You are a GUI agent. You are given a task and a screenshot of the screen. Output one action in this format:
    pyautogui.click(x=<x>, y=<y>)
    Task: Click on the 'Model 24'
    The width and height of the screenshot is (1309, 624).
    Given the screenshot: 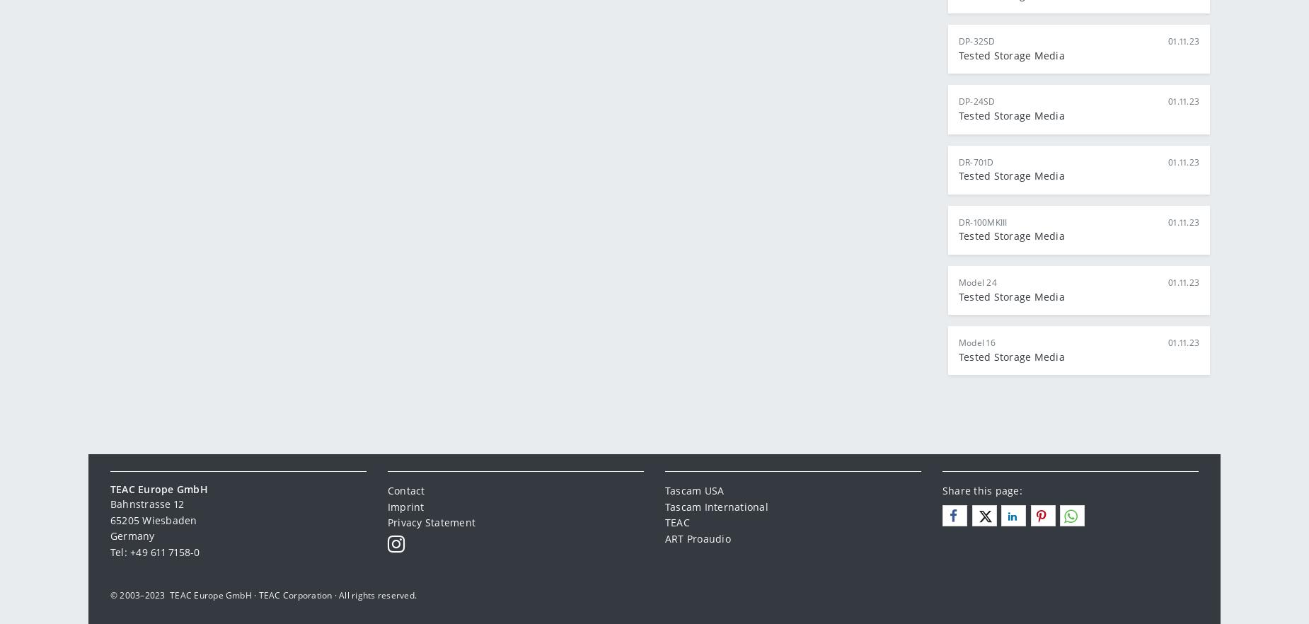 What is the action you would take?
    pyautogui.click(x=976, y=282)
    